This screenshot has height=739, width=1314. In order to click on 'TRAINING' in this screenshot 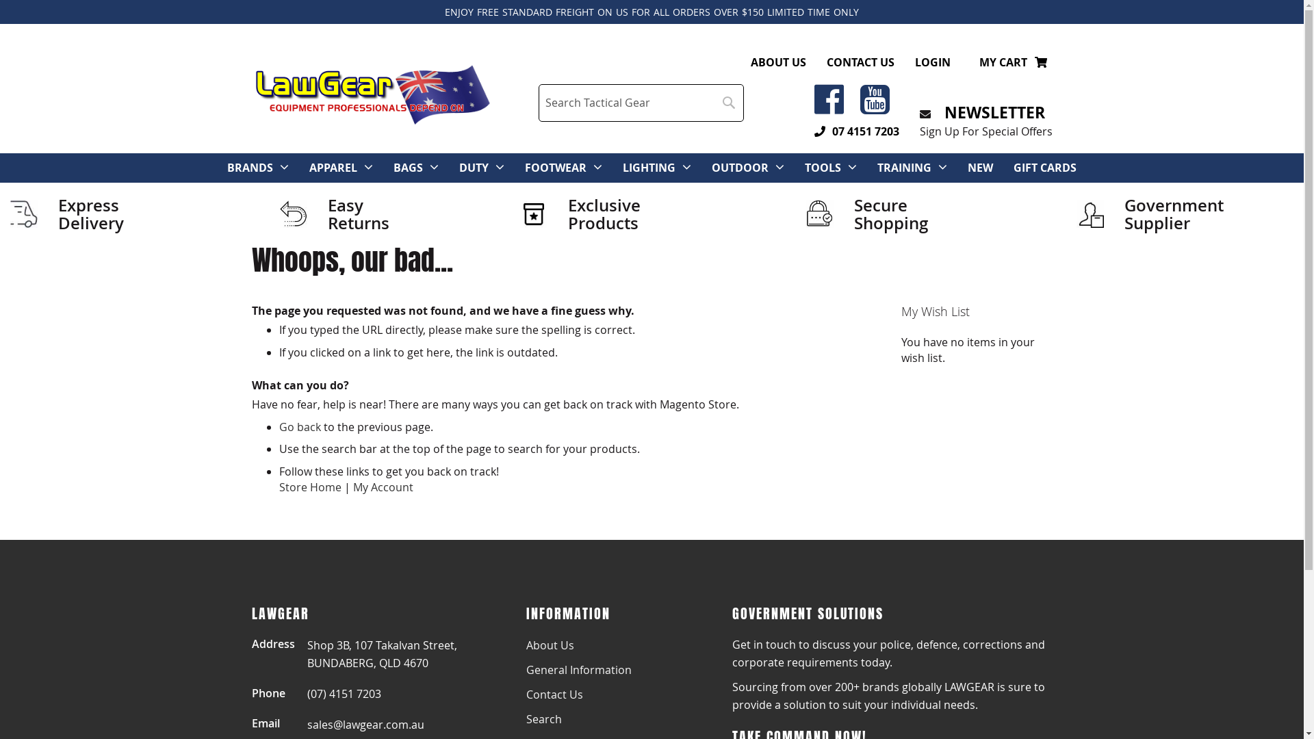, I will do `click(877, 167)`.